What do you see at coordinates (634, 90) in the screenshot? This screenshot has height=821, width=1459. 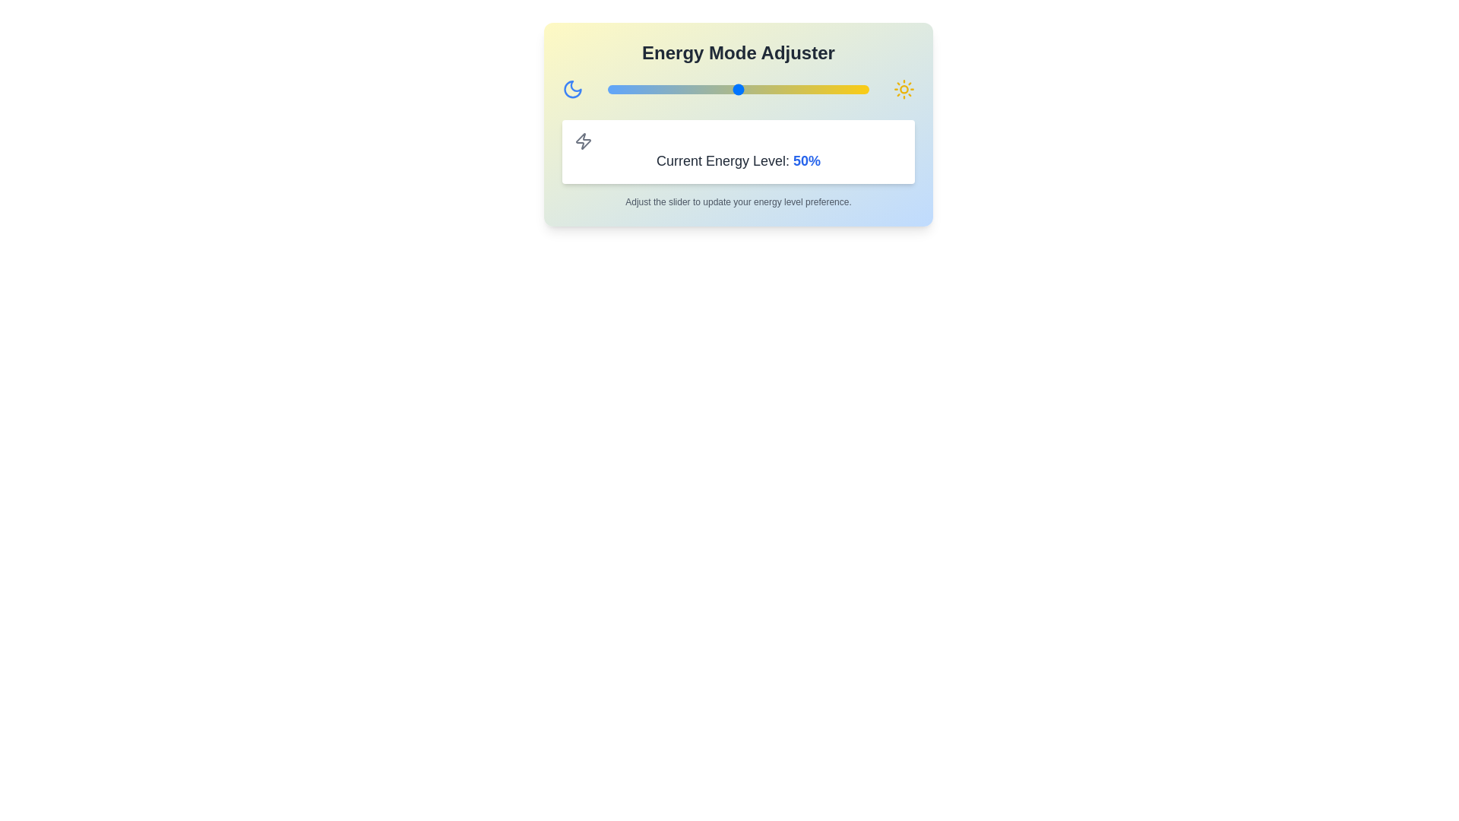 I see `the slider to set the energy level to 10%` at bounding box center [634, 90].